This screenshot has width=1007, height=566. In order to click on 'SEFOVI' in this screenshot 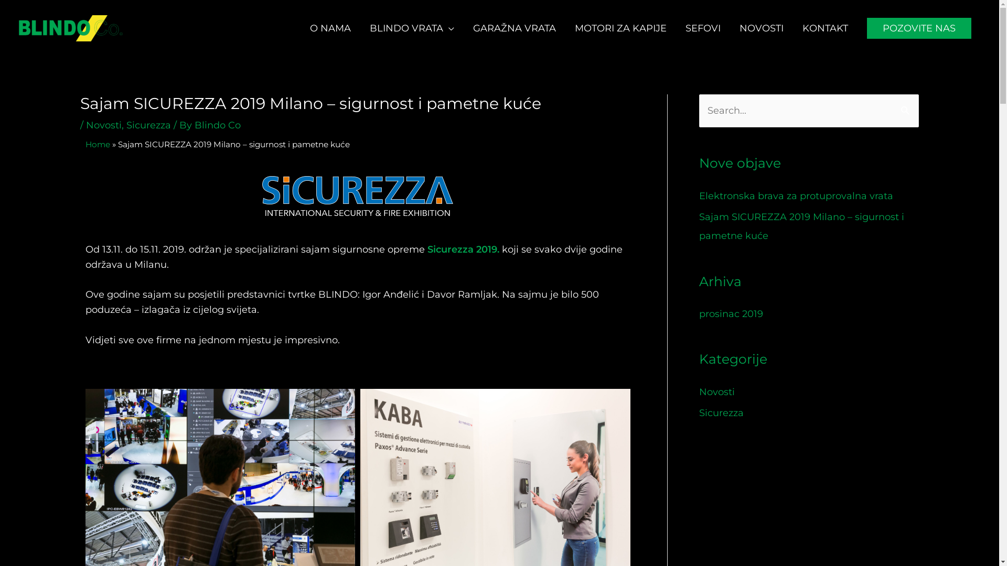, I will do `click(703, 28)`.